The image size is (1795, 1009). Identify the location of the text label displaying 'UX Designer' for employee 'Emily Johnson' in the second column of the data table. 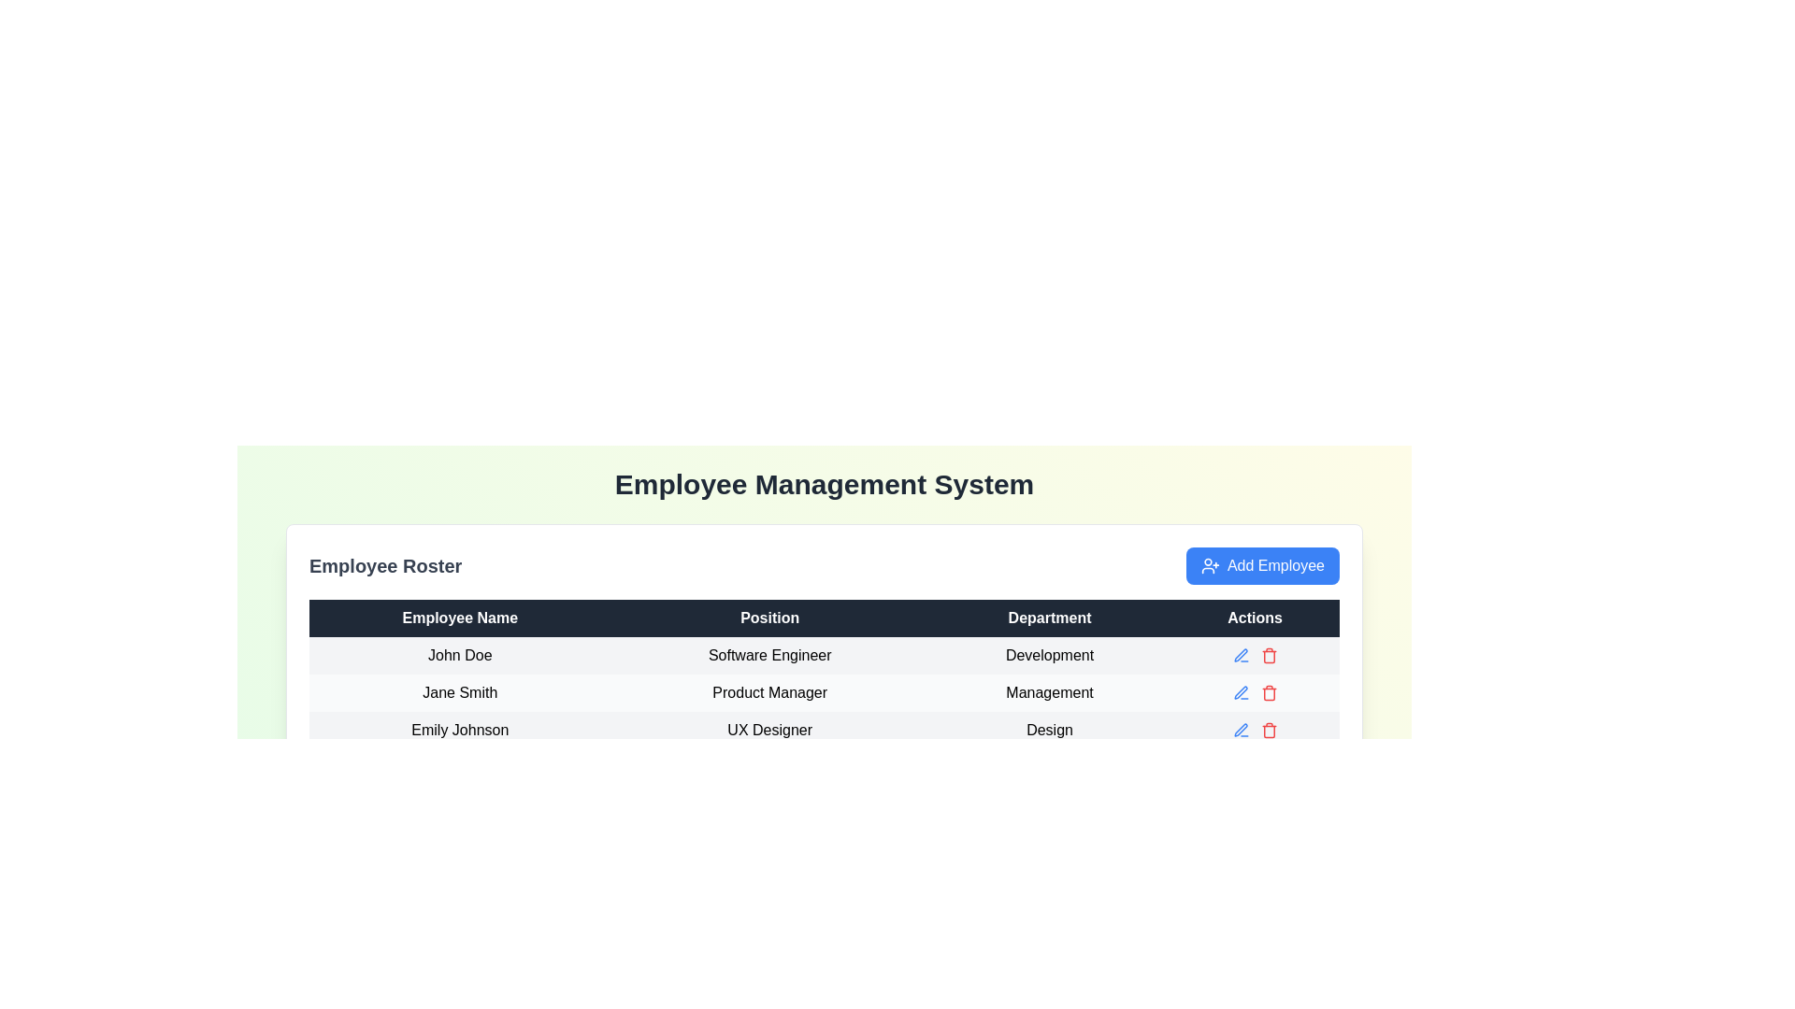
(769, 730).